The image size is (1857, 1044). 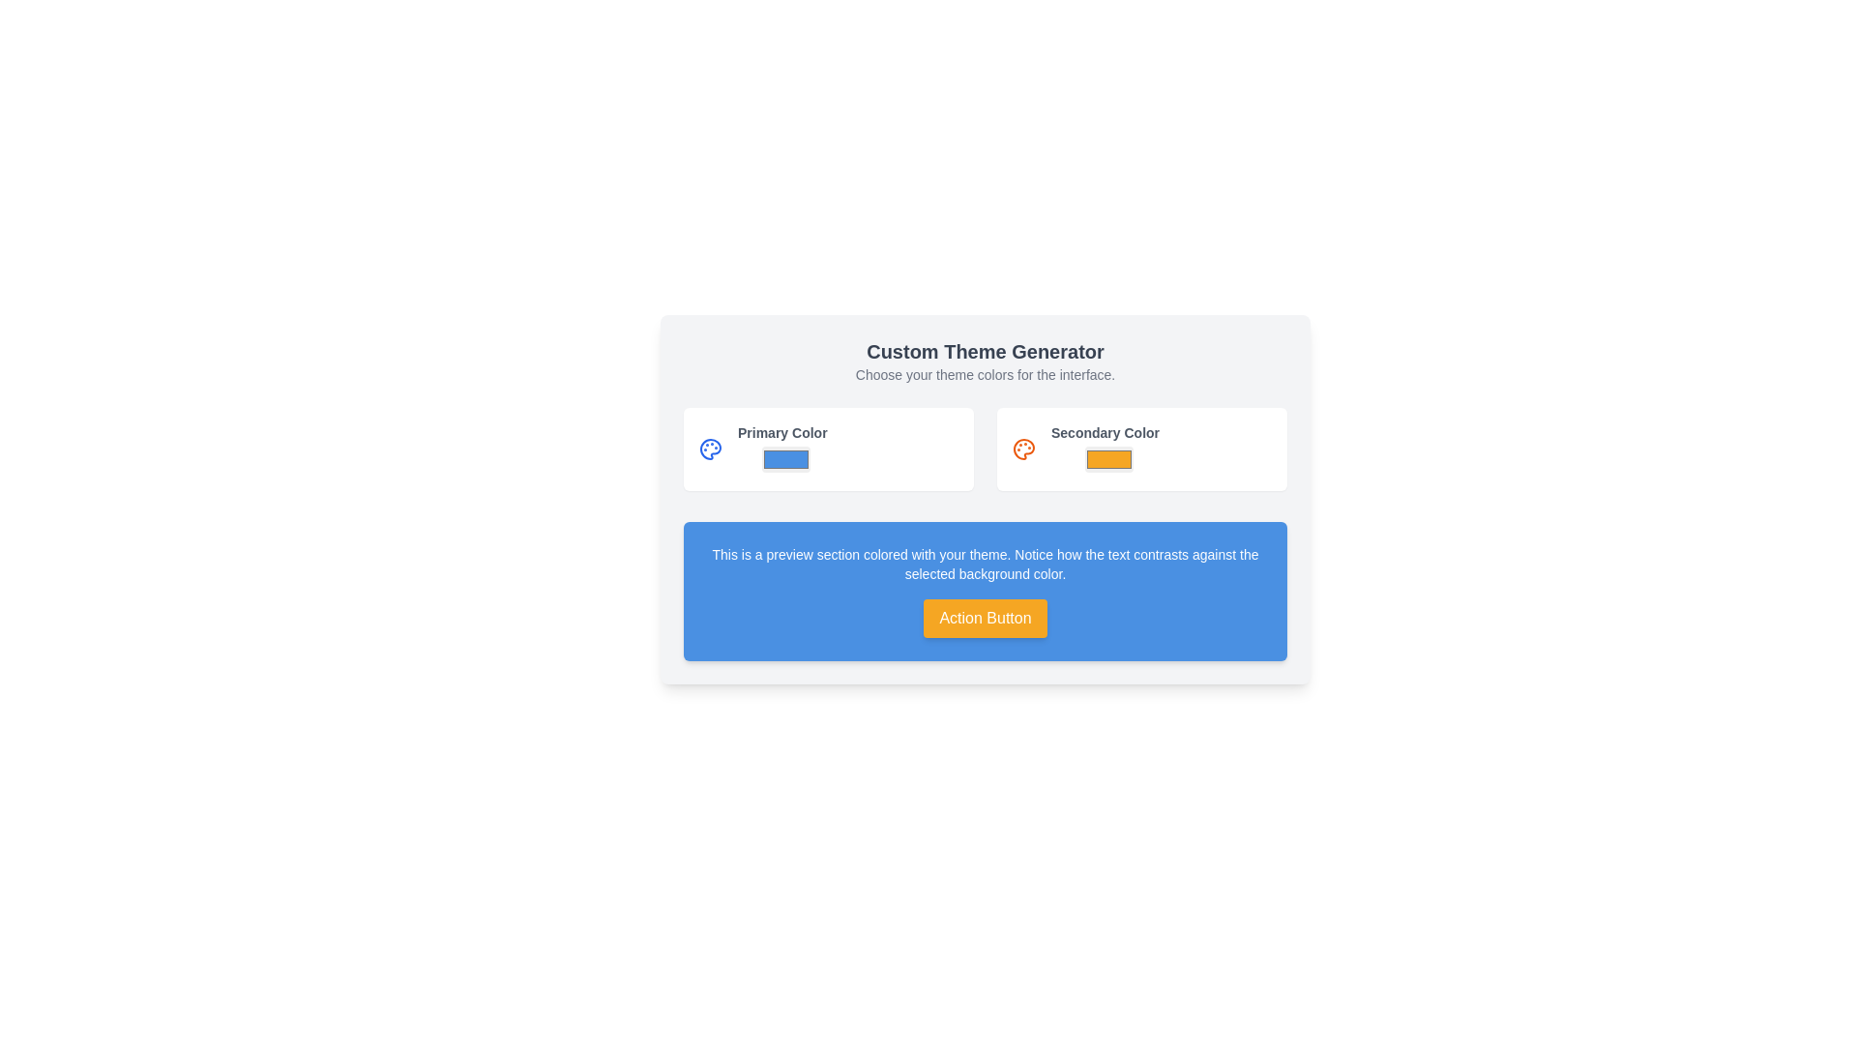 What do you see at coordinates (985, 564) in the screenshot?
I see `text from the centrally located Text block that provides an explanation of the theme configuration, positioned above the Action Button` at bounding box center [985, 564].